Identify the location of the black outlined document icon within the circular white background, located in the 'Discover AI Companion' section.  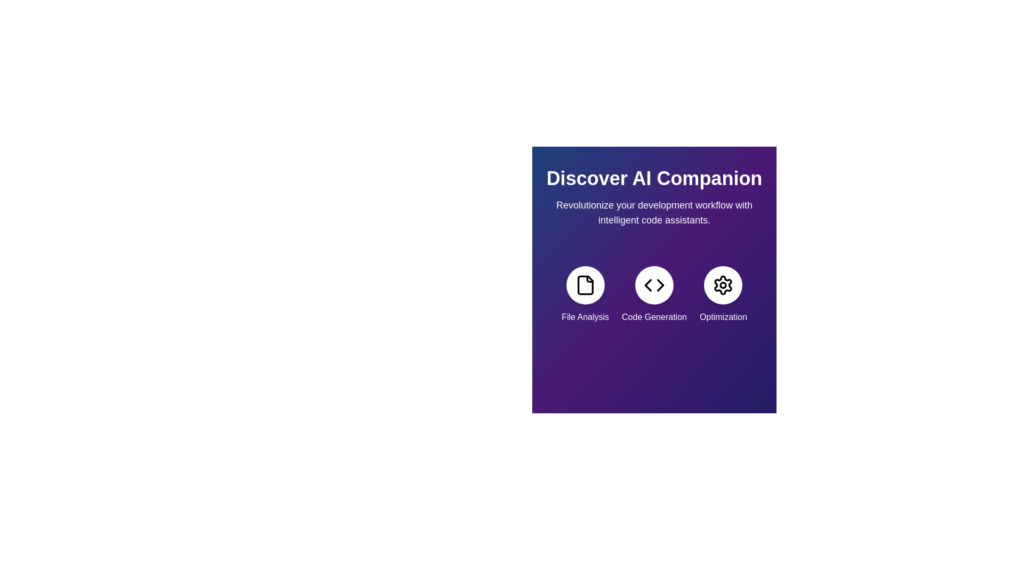
(585, 285).